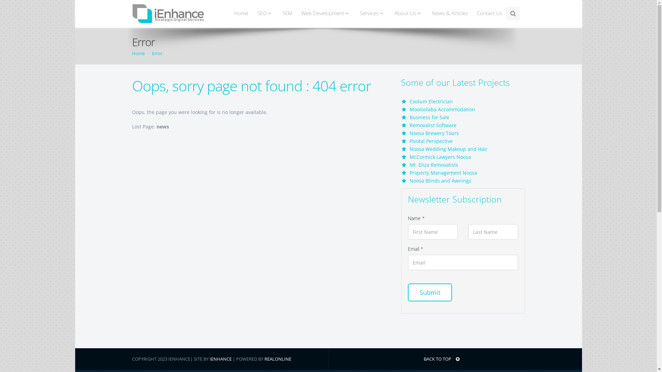 This screenshot has height=372, width=662. What do you see at coordinates (434, 133) in the screenshot?
I see `'Noosa Brewery Tours'` at bounding box center [434, 133].